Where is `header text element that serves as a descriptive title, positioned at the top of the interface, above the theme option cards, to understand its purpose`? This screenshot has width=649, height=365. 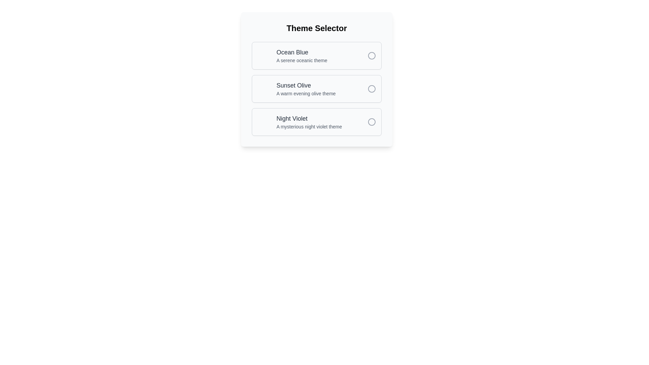
header text element that serves as a descriptive title, positioned at the top of the interface, above the theme option cards, to understand its purpose is located at coordinates (316, 28).